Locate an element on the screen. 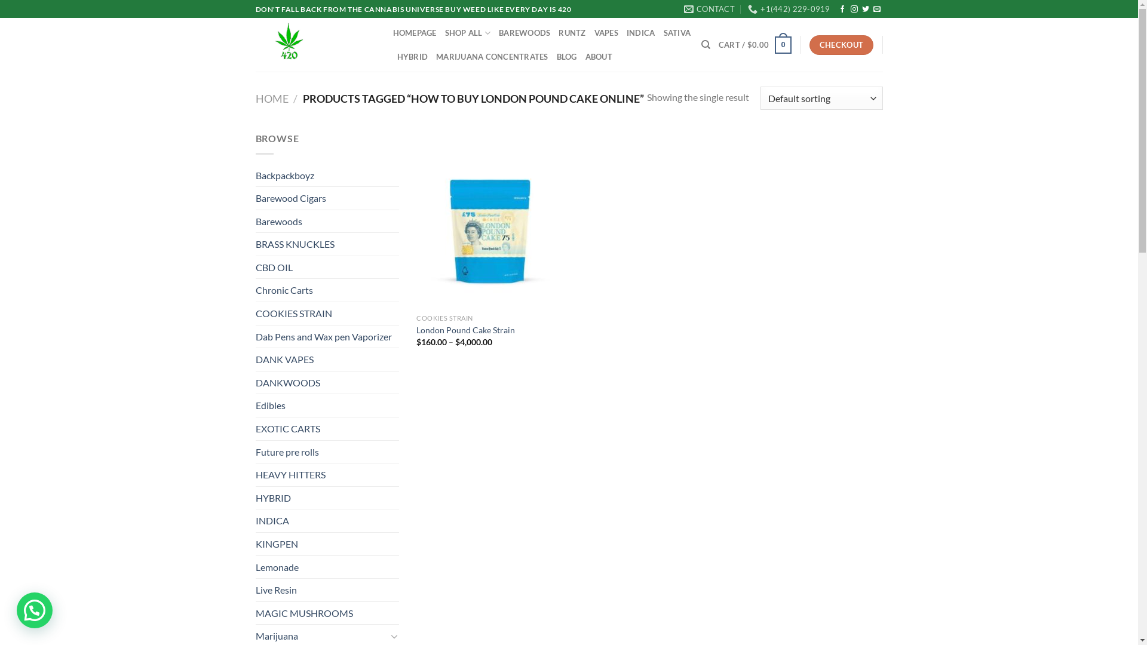  'Lemonade' is located at coordinates (254, 566).